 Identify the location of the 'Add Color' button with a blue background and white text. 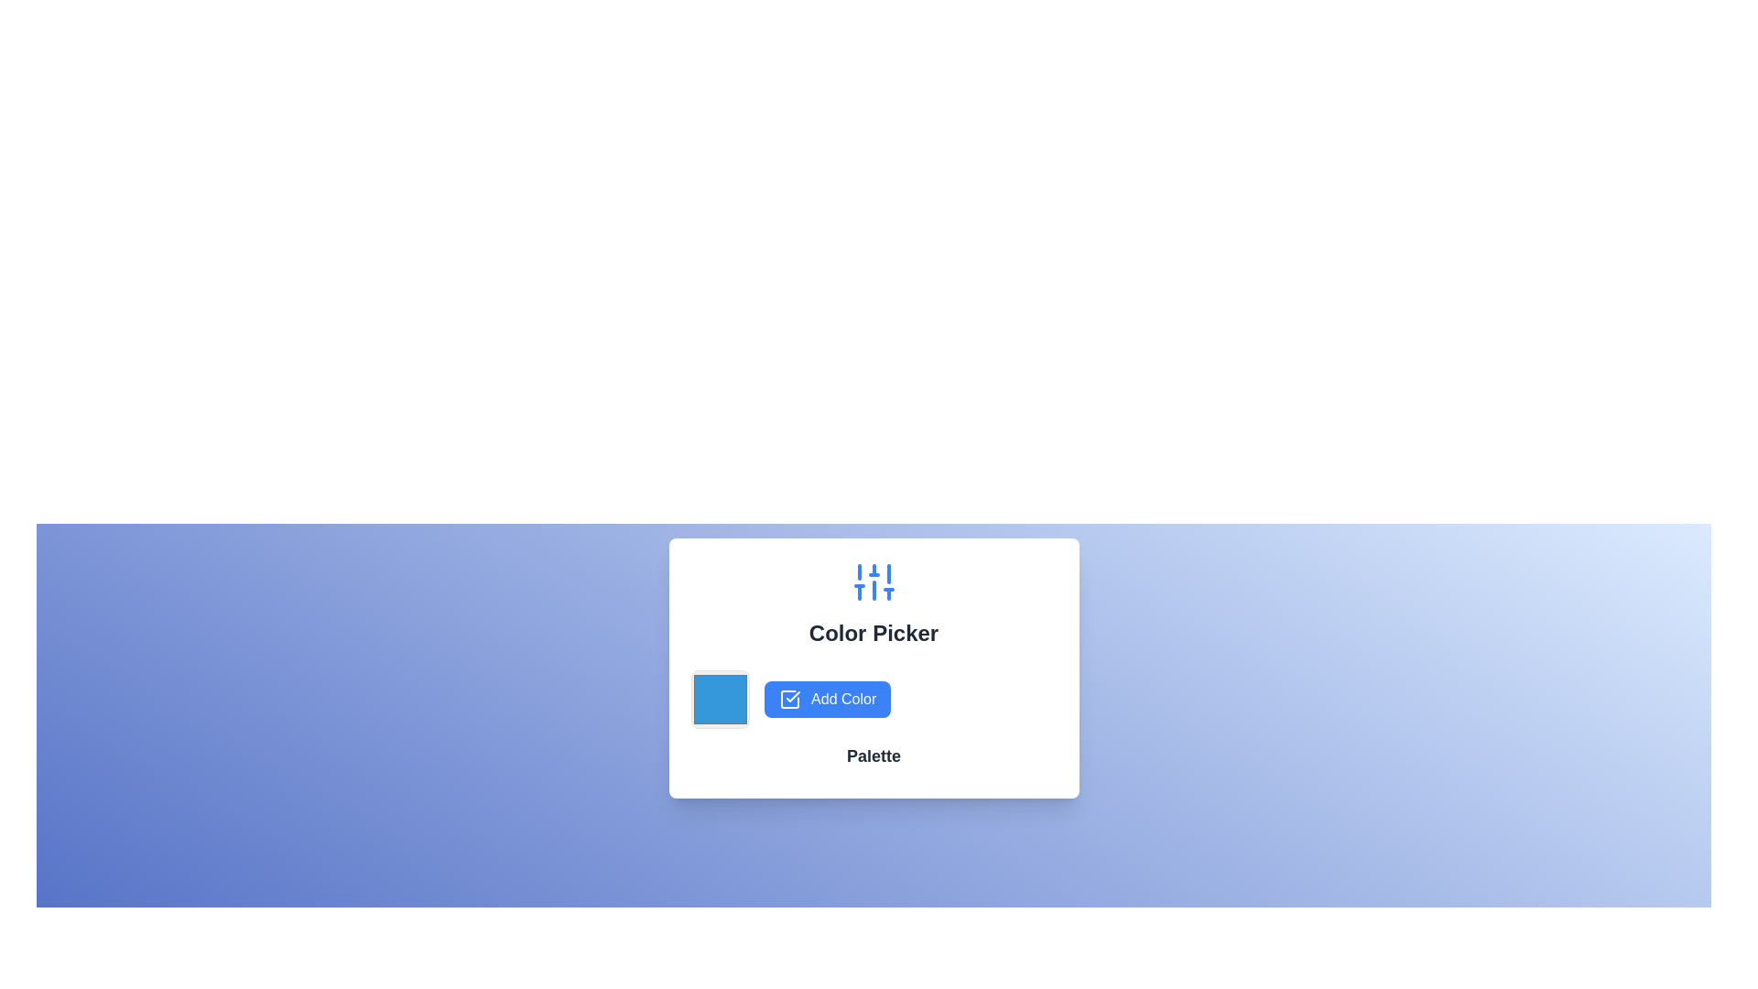
(873, 699).